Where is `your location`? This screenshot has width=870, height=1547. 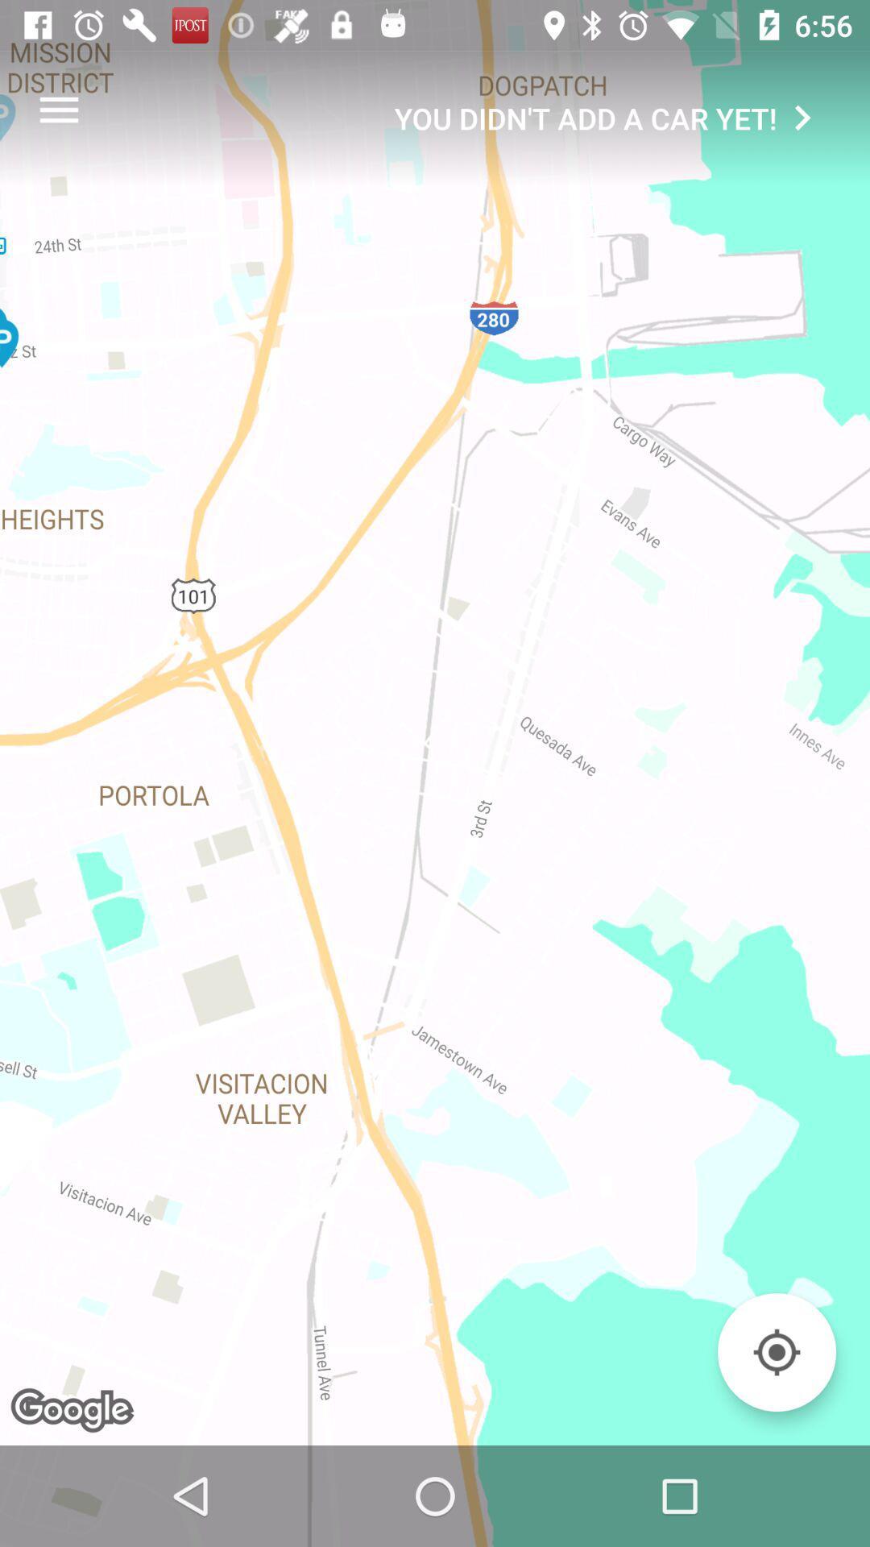
your location is located at coordinates (776, 1352).